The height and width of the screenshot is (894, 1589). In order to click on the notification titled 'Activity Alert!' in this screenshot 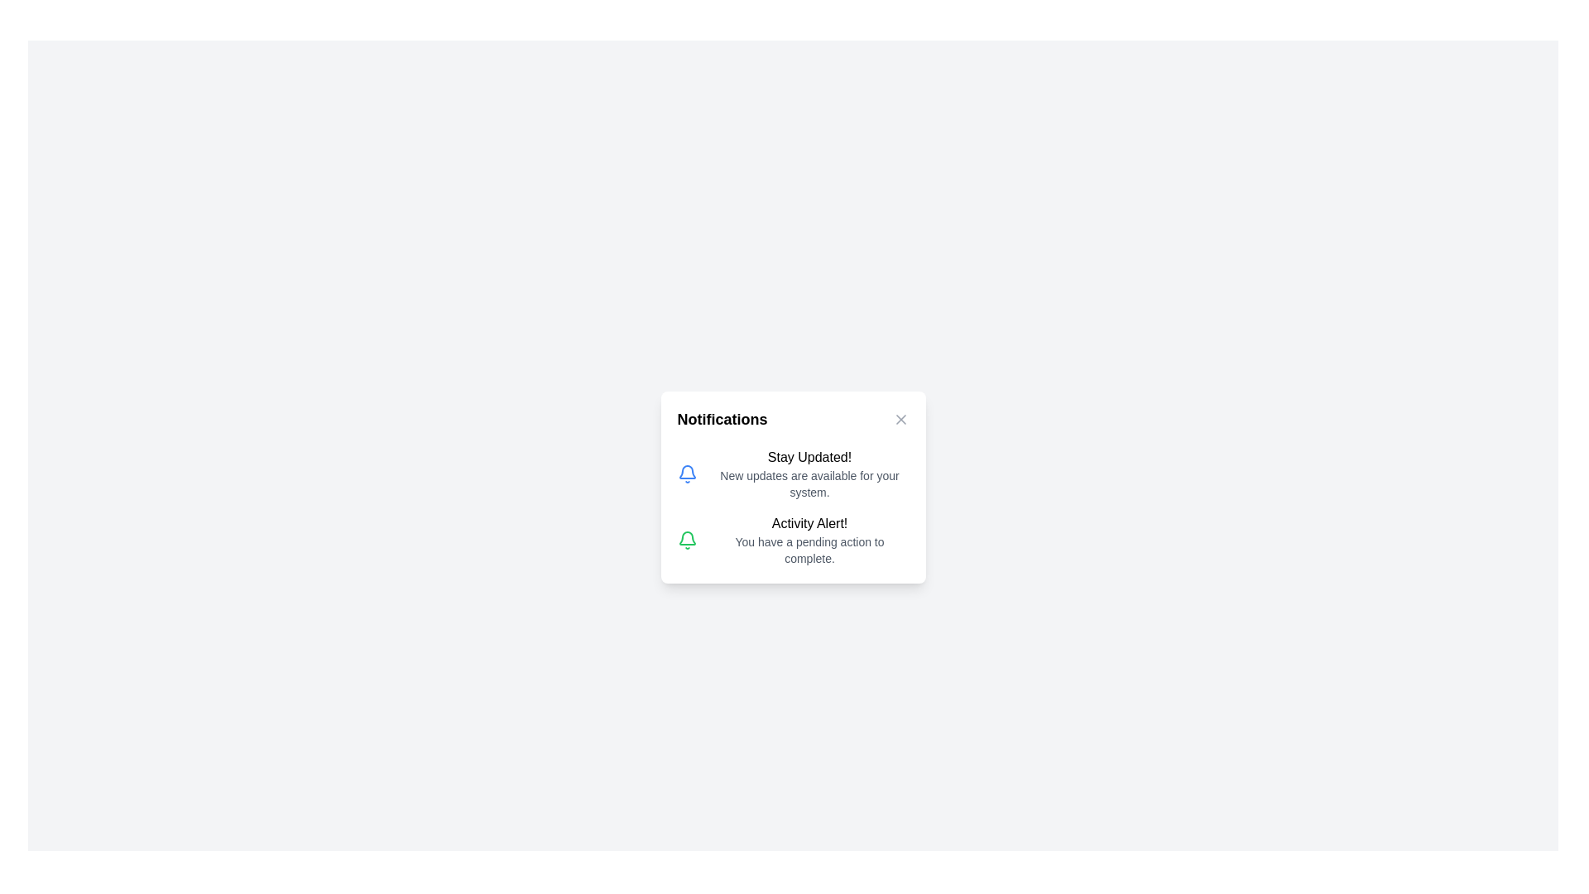, I will do `click(687, 540)`.